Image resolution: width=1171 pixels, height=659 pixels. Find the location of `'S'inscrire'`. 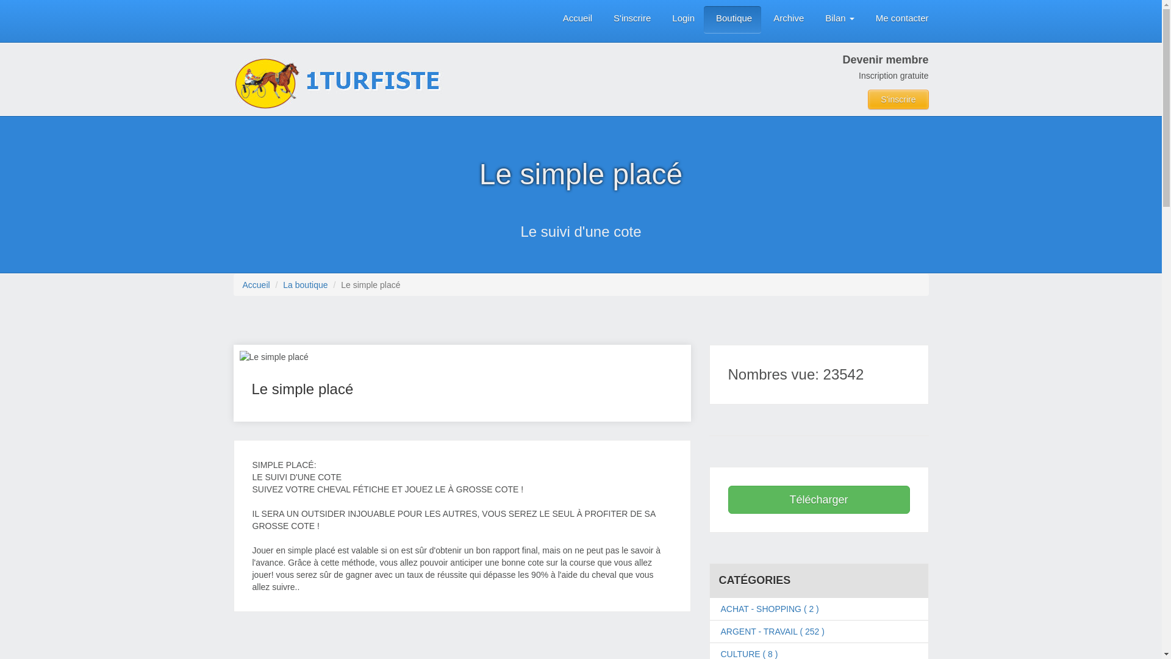

'S'inscrire' is located at coordinates (630, 20).